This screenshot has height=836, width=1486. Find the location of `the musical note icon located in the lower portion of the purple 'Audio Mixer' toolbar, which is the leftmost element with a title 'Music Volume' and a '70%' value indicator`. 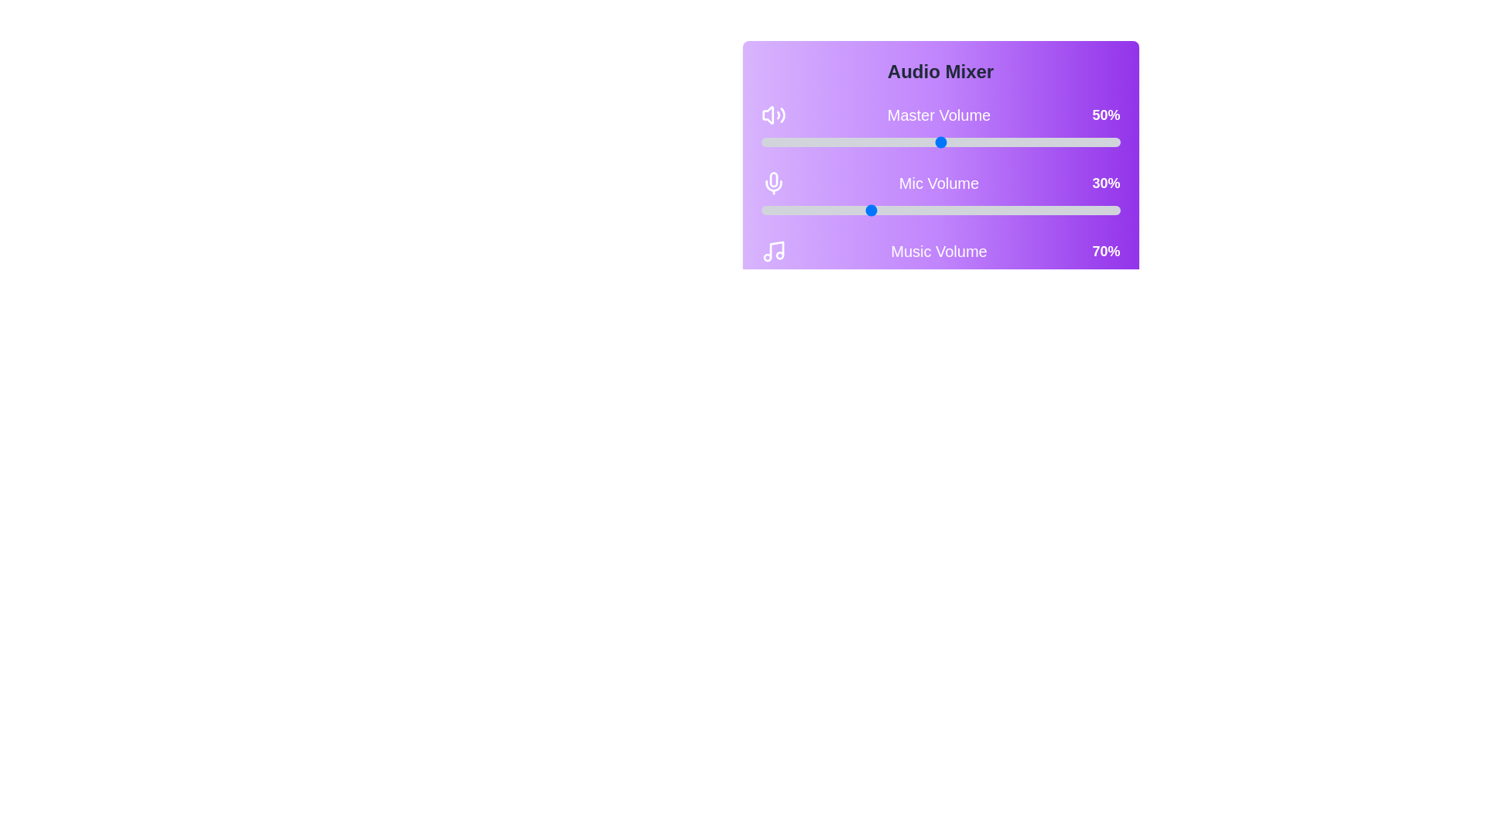

the musical note icon located in the lower portion of the purple 'Audio Mixer' toolbar, which is the leftmost element with a title 'Music Volume' and a '70%' value indicator is located at coordinates (773, 250).